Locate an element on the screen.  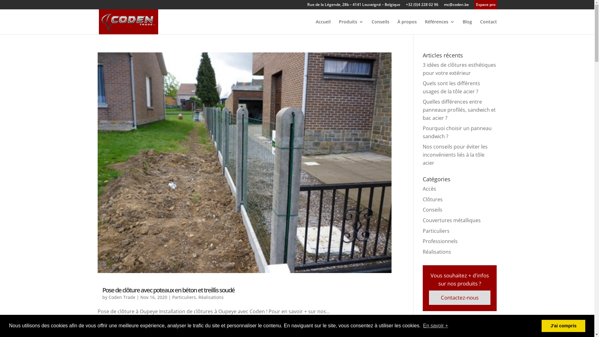
'Professionnels' is located at coordinates (440, 241).